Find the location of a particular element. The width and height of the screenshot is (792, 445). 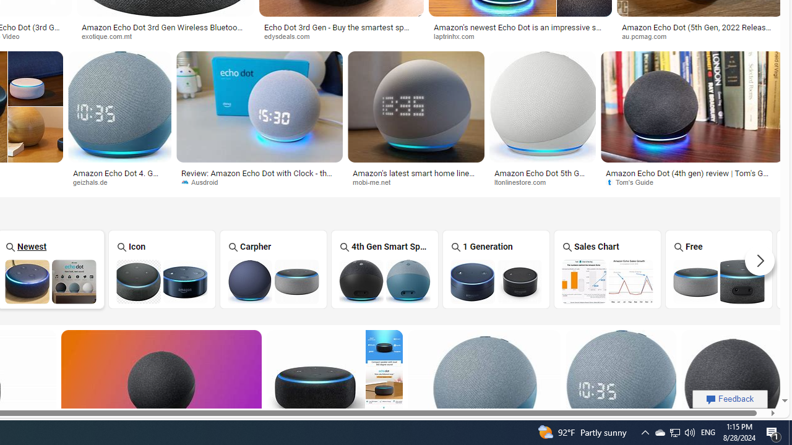

'Free Amazon Echo Dot' is located at coordinates (719, 281).